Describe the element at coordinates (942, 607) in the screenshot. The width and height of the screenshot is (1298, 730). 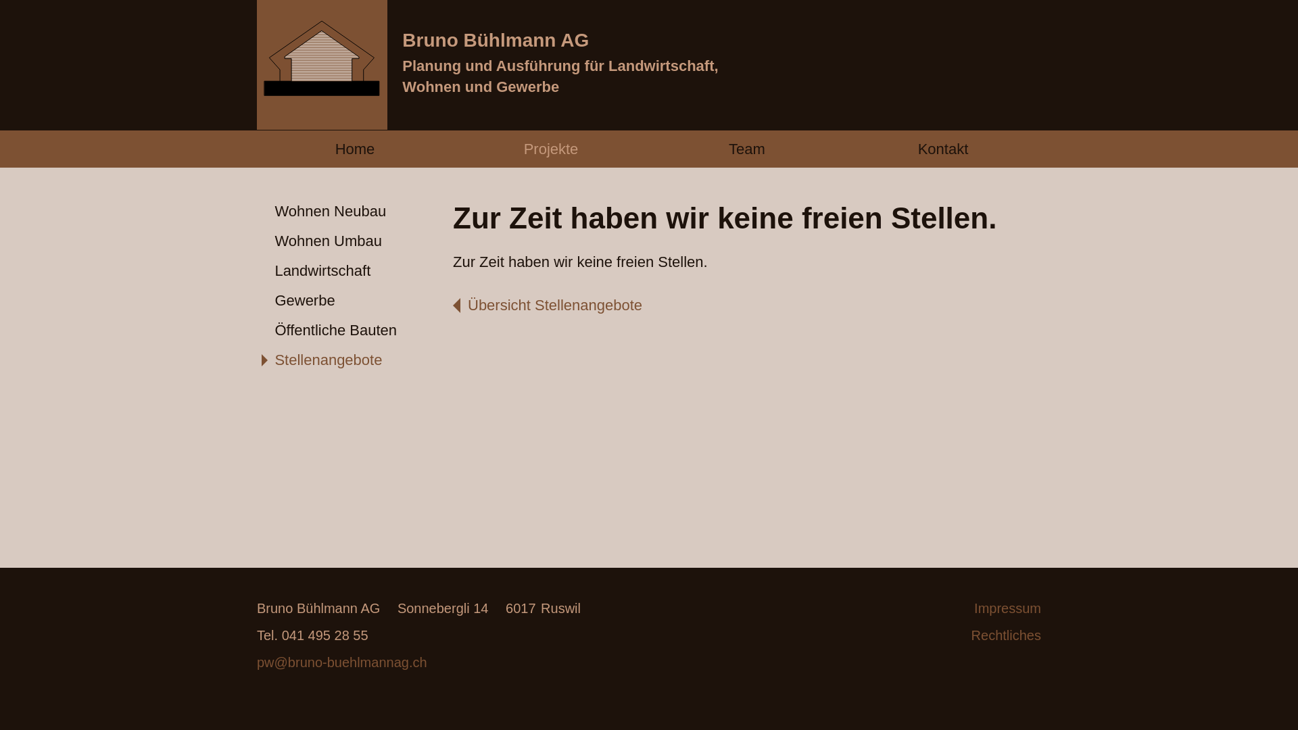
I see `'Impressum'` at that location.